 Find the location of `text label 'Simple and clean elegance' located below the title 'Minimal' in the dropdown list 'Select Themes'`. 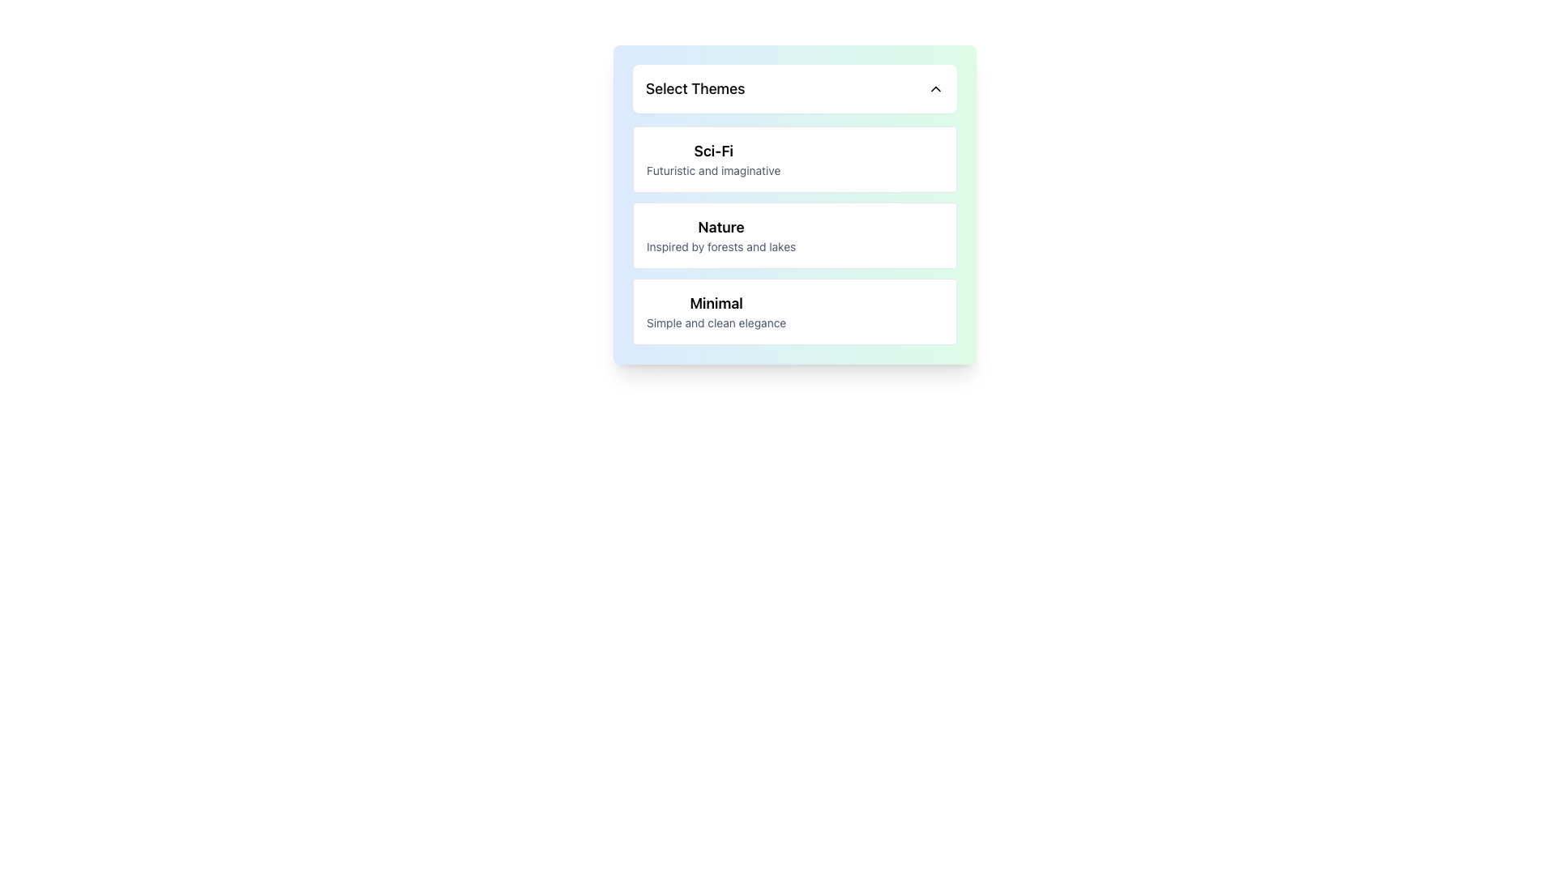

text label 'Simple and clean elegance' located below the title 'Minimal' in the dropdown list 'Select Themes' is located at coordinates (716, 322).